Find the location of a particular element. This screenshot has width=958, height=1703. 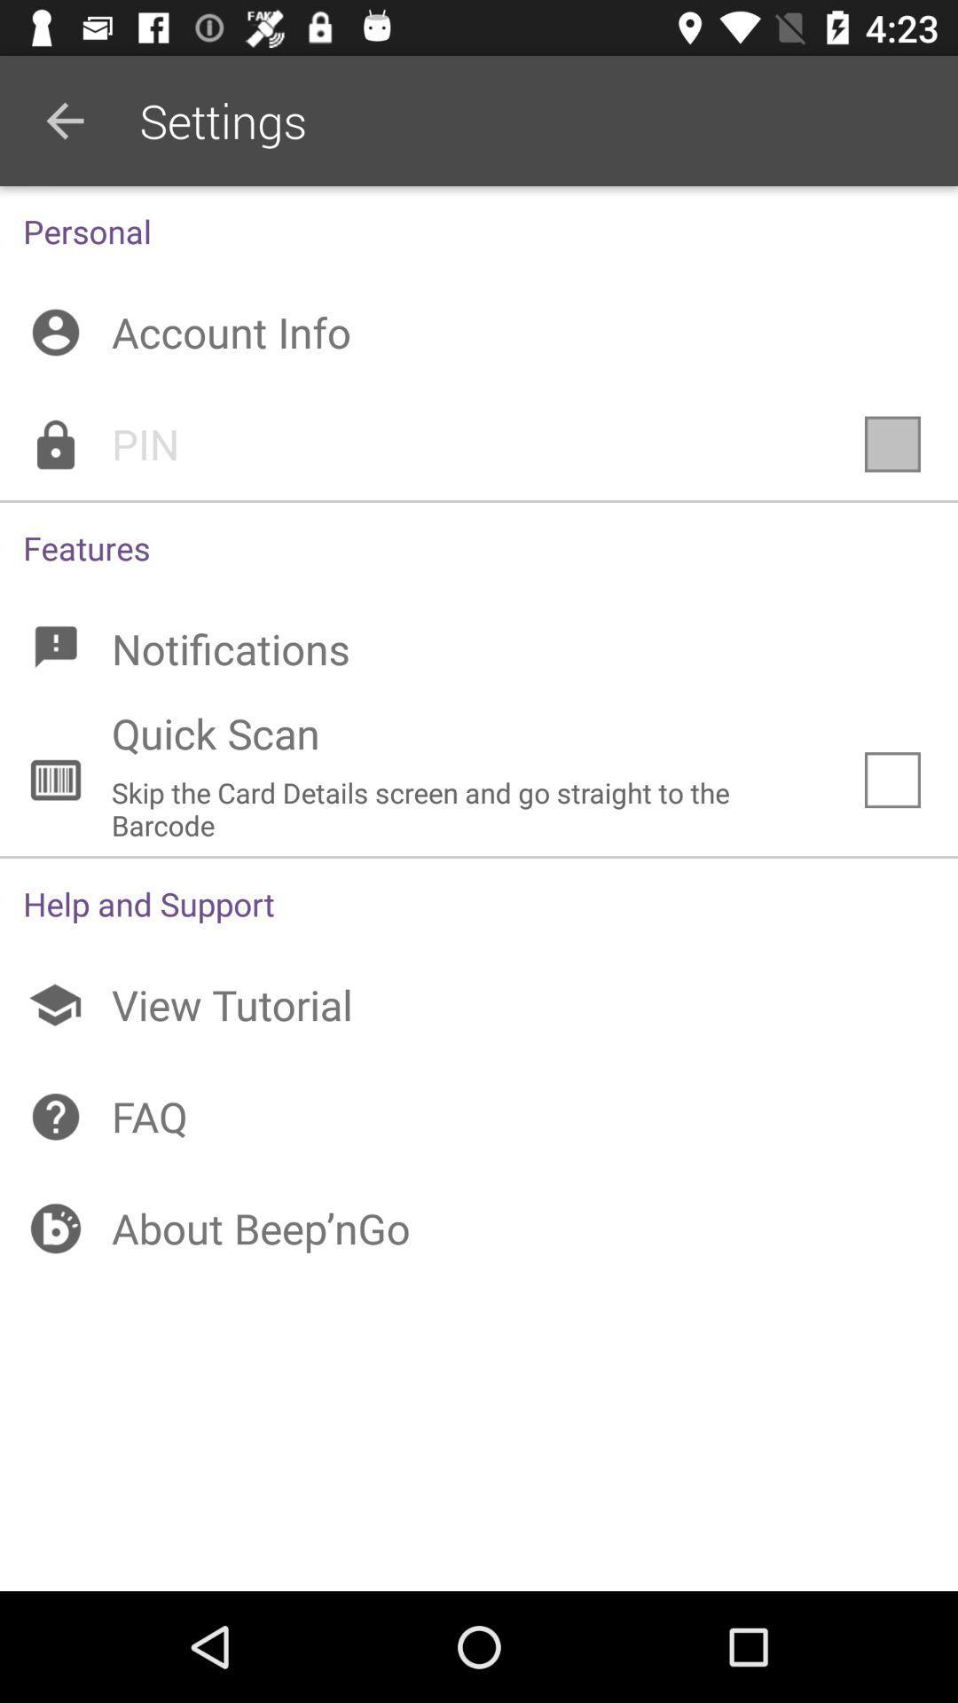

account info item is located at coordinates (479, 332).